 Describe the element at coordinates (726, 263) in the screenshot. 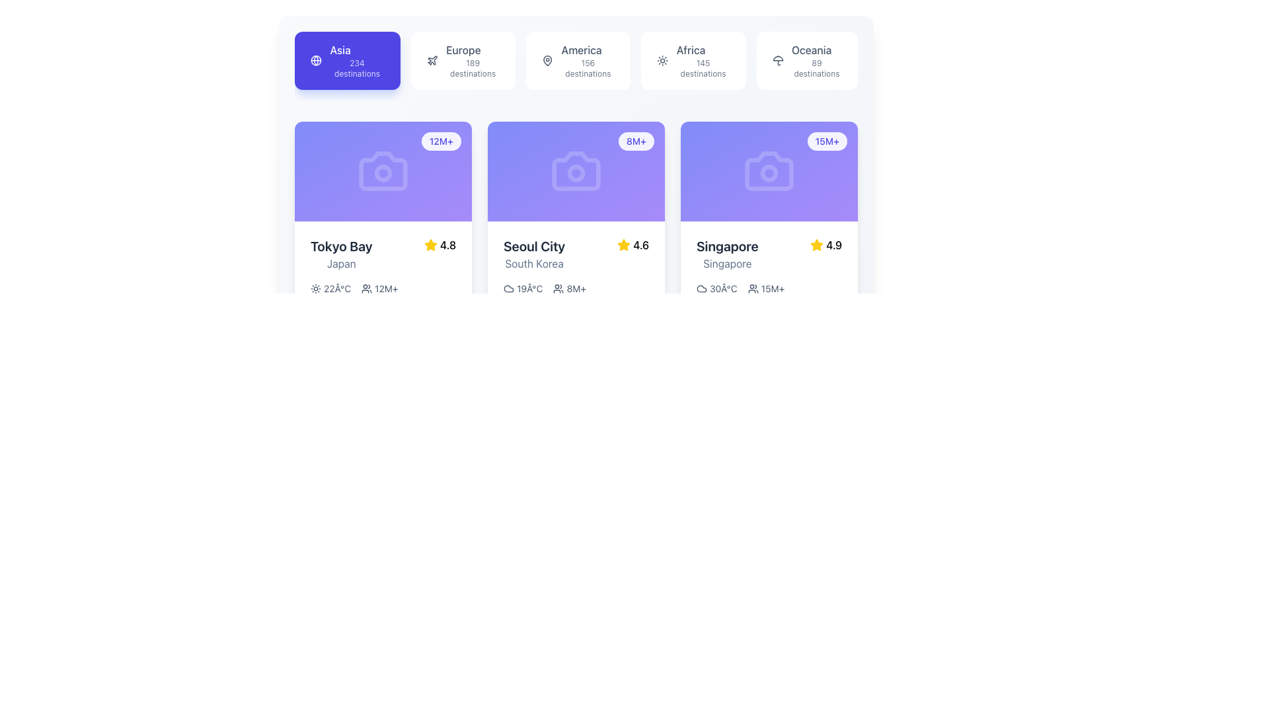

I see `the text label that reads 'Singapore', which is styled with a subtle grey color and positioned within the information card, located beneath the city name and above the weather and population information` at that location.